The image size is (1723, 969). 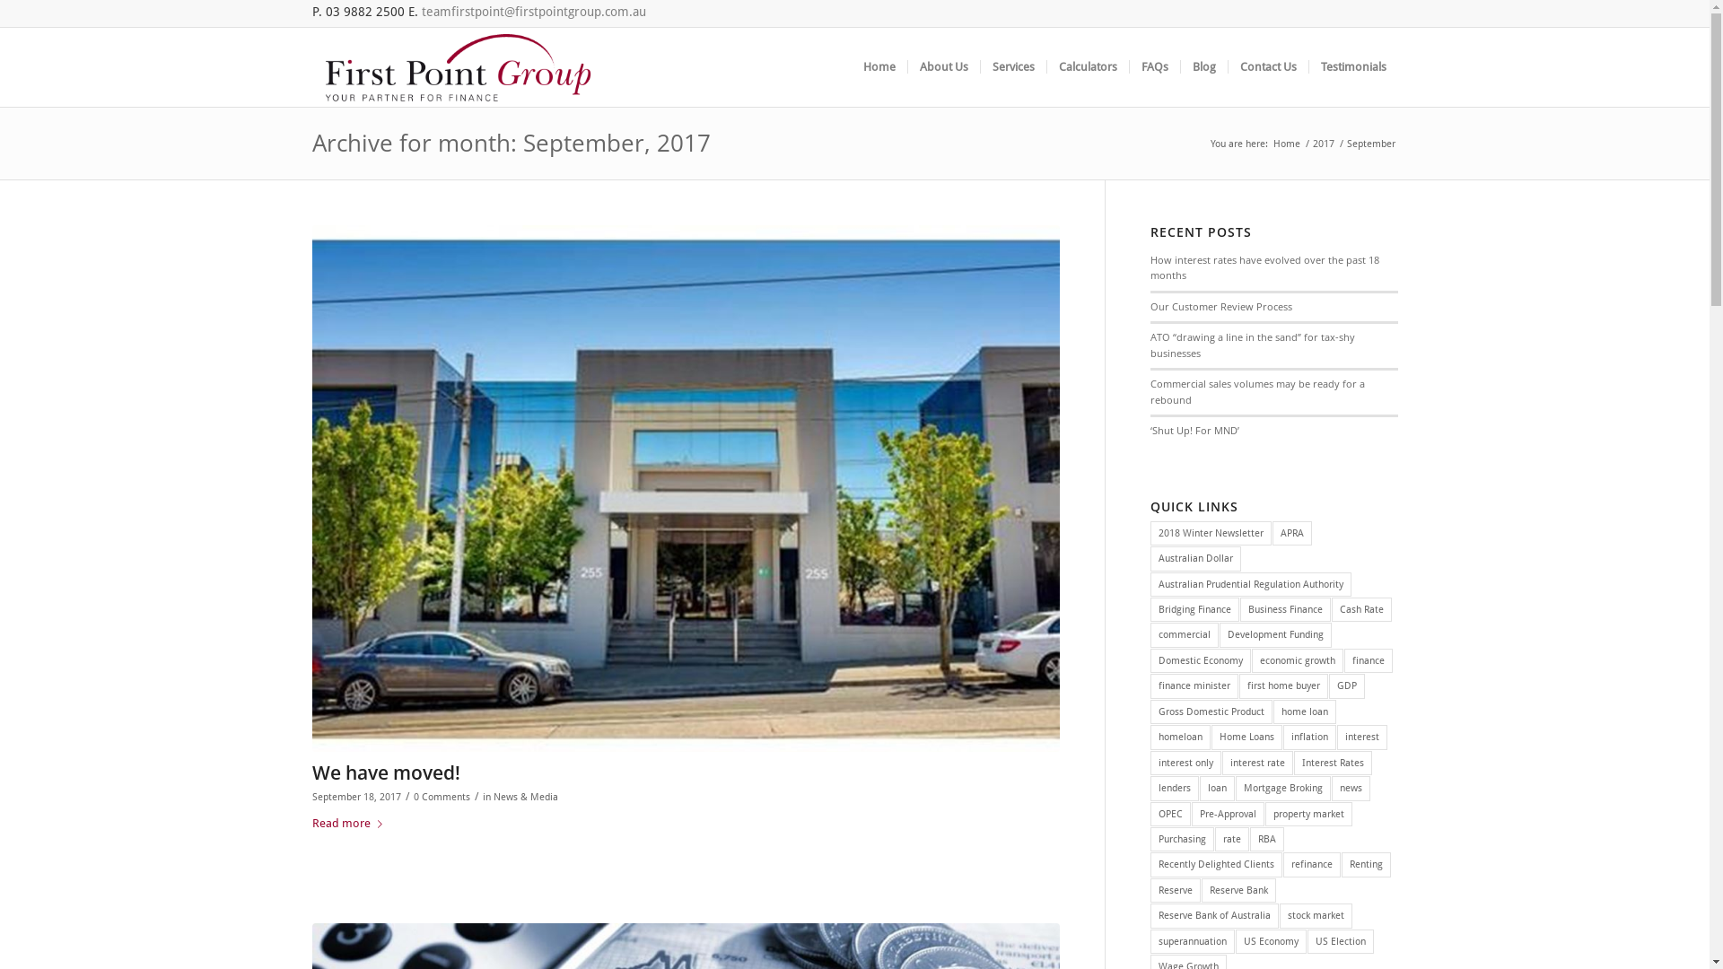 What do you see at coordinates (441, 796) in the screenshot?
I see `'0 Comments'` at bounding box center [441, 796].